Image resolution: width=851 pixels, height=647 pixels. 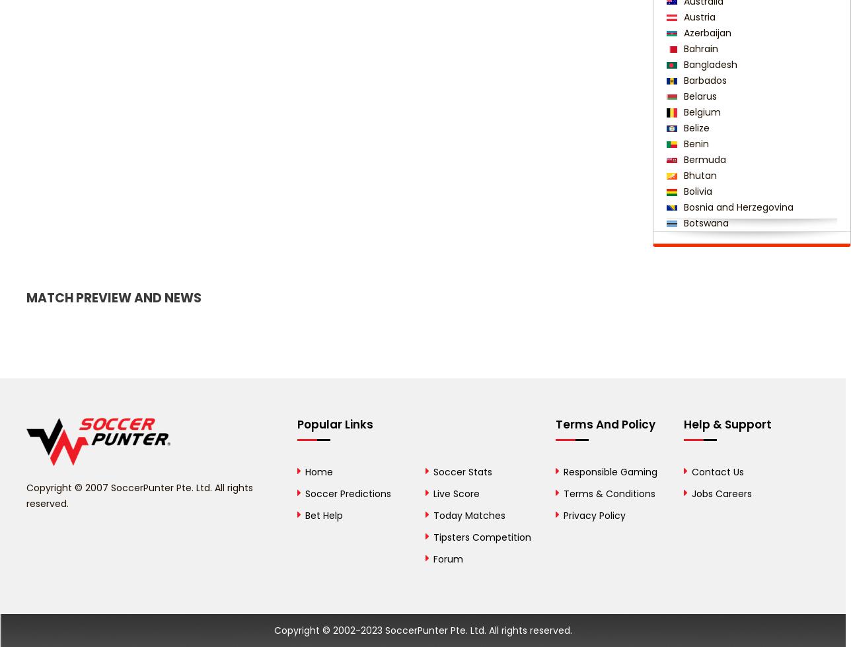 What do you see at coordinates (710, 287) in the screenshot?
I see `'Burkina Faso'` at bounding box center [710, 287].